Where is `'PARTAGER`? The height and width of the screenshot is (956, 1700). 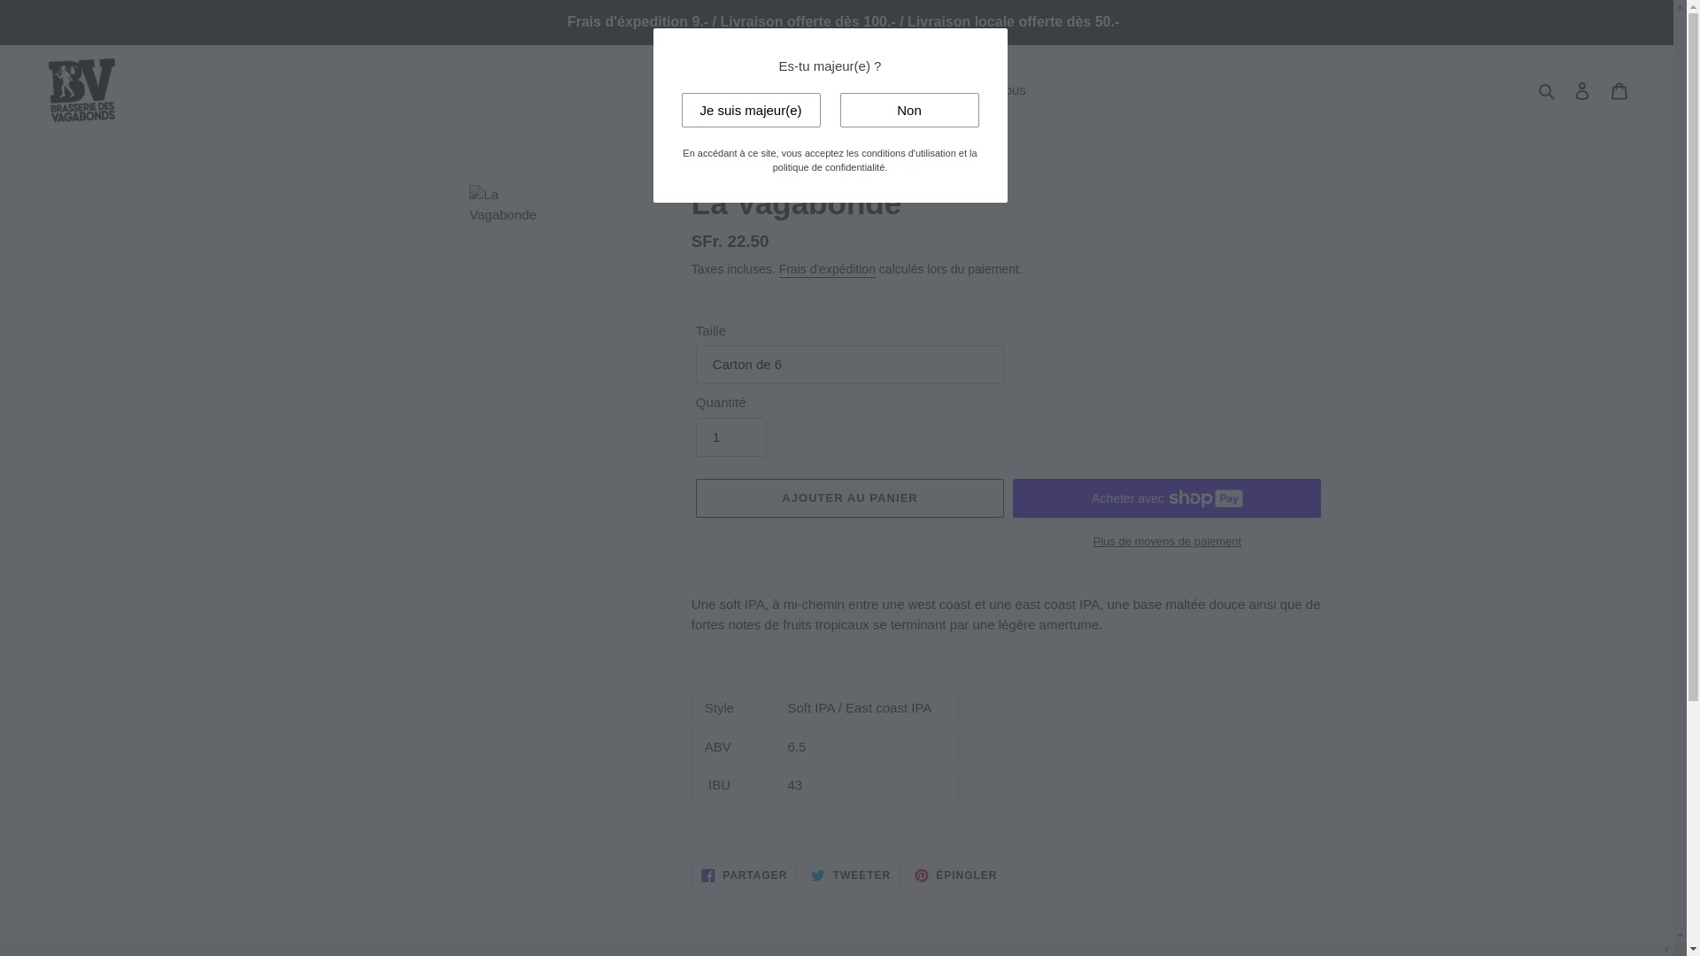 'PARTAGER is located at coordinates (744, 874).